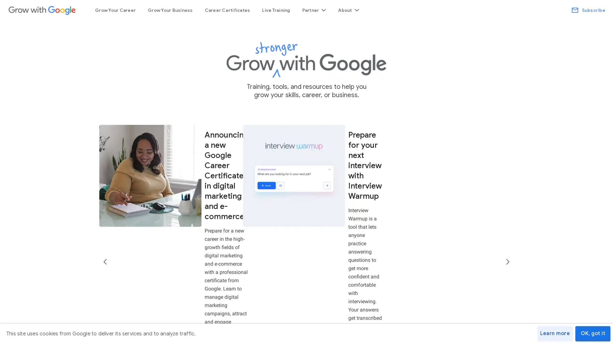 This screenshot has width=613, height=344. What do you see at coordinates (593, 333) in the screenshot?
I see `OK, got it` at bounding box center [593, 333].